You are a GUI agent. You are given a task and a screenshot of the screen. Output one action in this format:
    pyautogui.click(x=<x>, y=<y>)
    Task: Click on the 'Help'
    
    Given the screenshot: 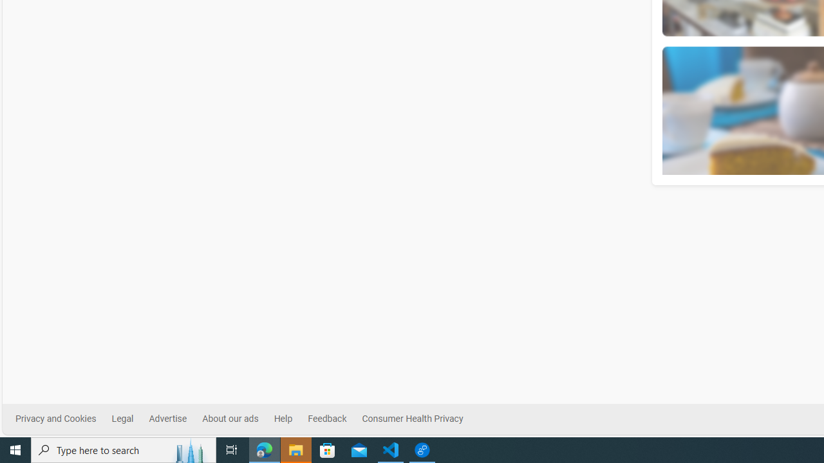 What is the action you would take?
    pyautogui.click(x=290, y=419)
    